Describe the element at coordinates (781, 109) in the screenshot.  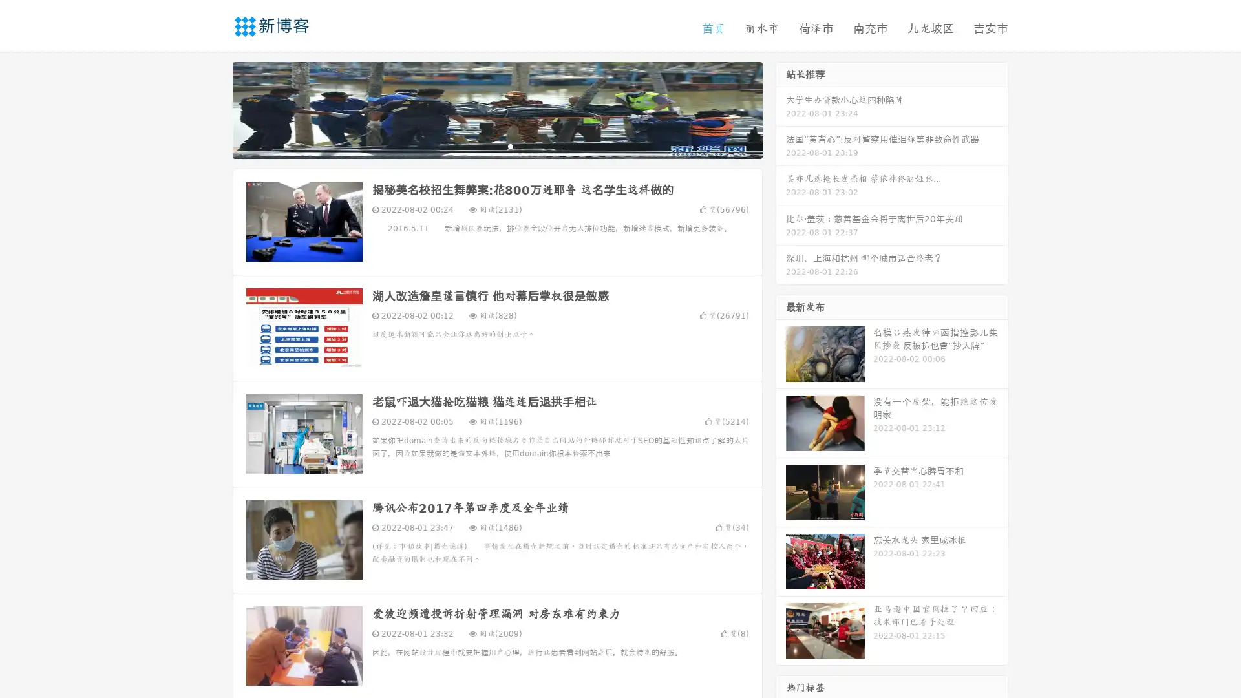
I see `Next slide` at that location.